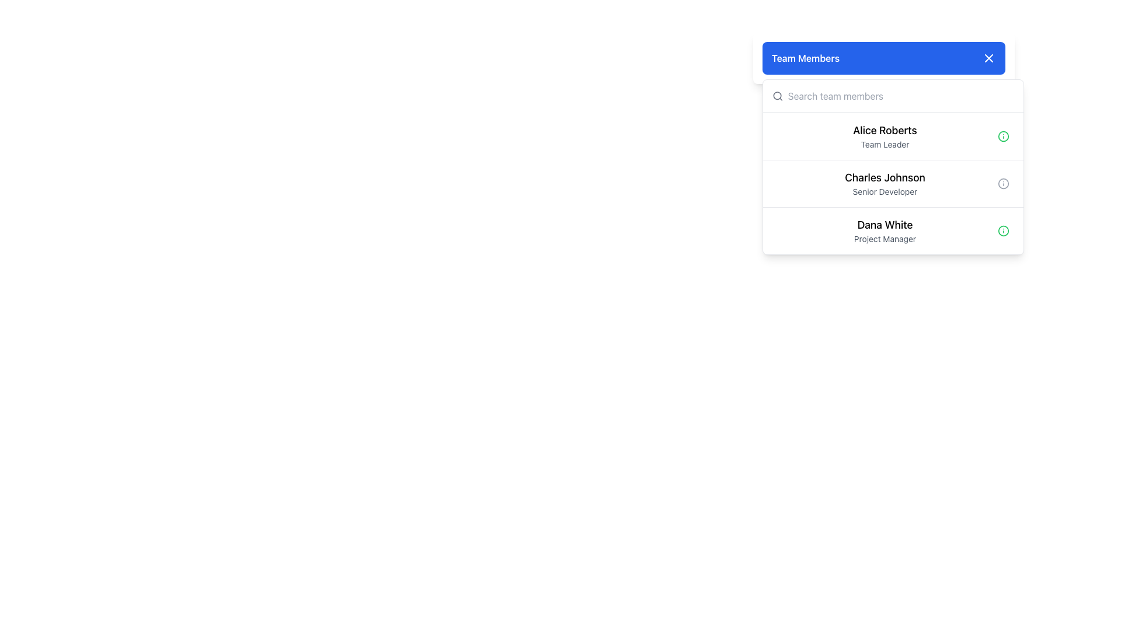 The image size is (1121, 630). I want to click on the close button icon located in the top-right corner of the blue header bar titled 'Team Members', so click(988, 58).